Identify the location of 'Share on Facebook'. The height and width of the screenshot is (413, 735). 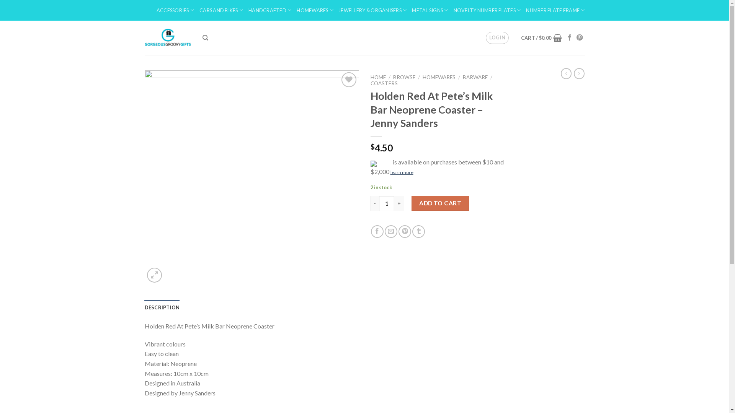
(377, 231).